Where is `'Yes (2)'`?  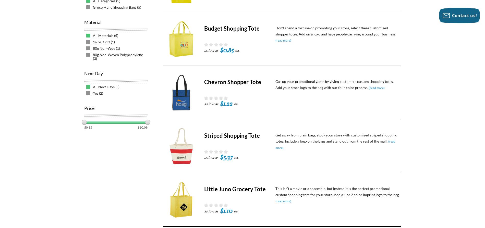
'Yes (2)' is located at coordinates (93, 93).